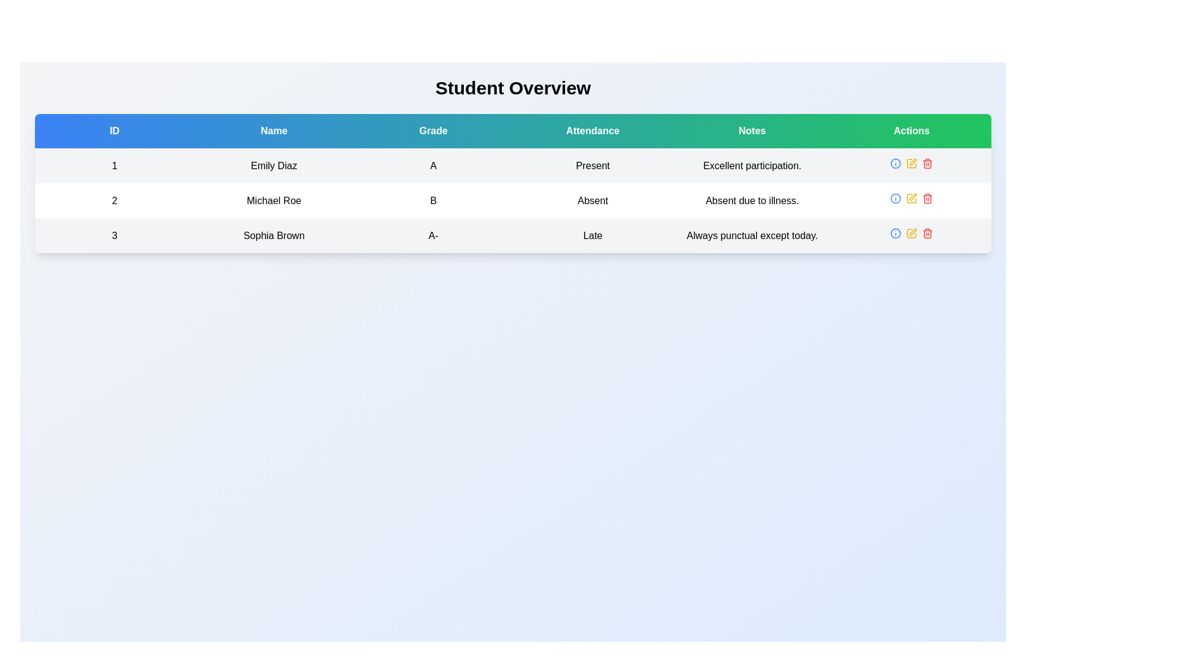 The image size is (1178, 662). What do you see at coordinates (114, 165) in the screenshot?
I see `the numerical value '1' in the first column and first row of the table under the header 'ID'` at bounding box center [114, 165].